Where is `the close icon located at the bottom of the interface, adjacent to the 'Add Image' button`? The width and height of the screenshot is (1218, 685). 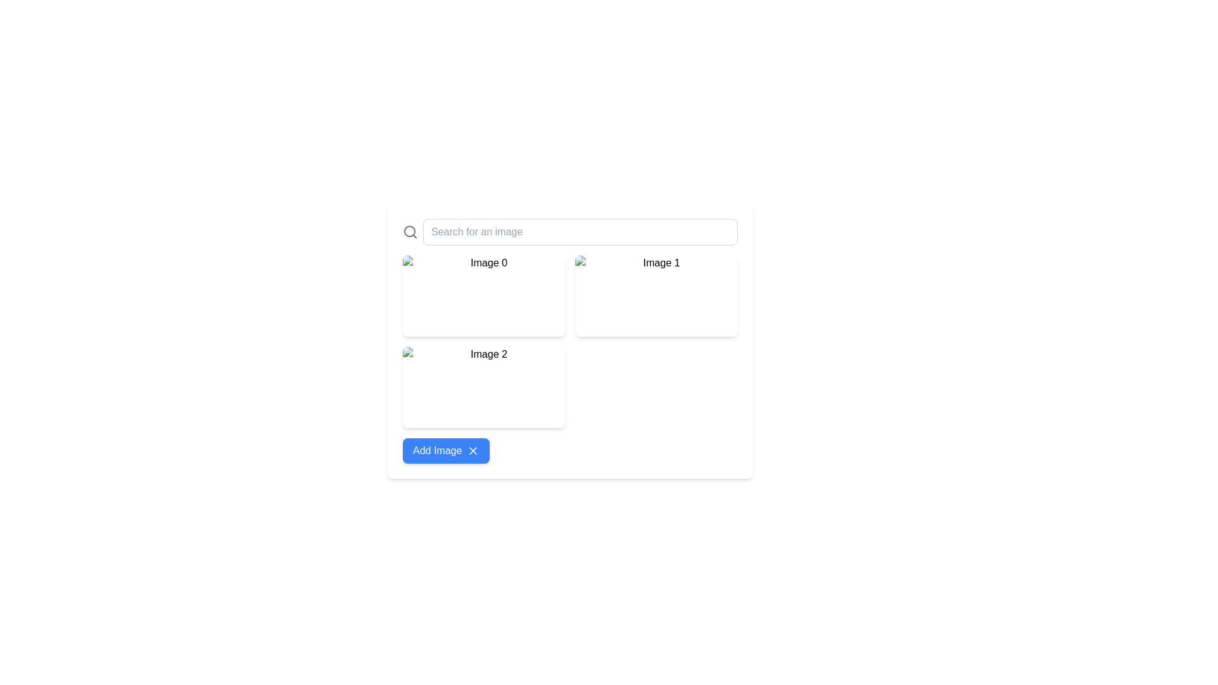
the close icon located at the bottom of the interface, adjacent to the 'Add Image' button is located at coordinates (473, 450).